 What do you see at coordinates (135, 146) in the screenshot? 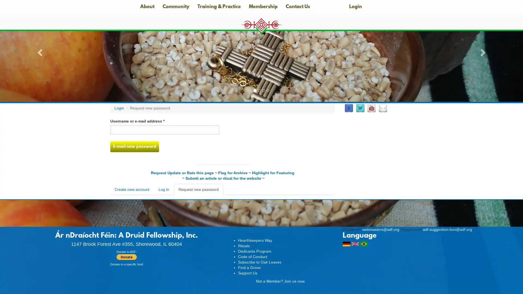
I see `E-mail new password` at bounding box center [135, 146].